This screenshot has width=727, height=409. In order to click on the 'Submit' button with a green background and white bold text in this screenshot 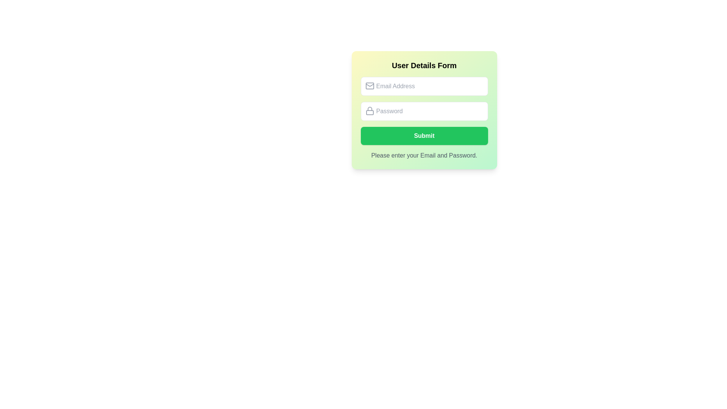, I will do `click(424, 135)`.